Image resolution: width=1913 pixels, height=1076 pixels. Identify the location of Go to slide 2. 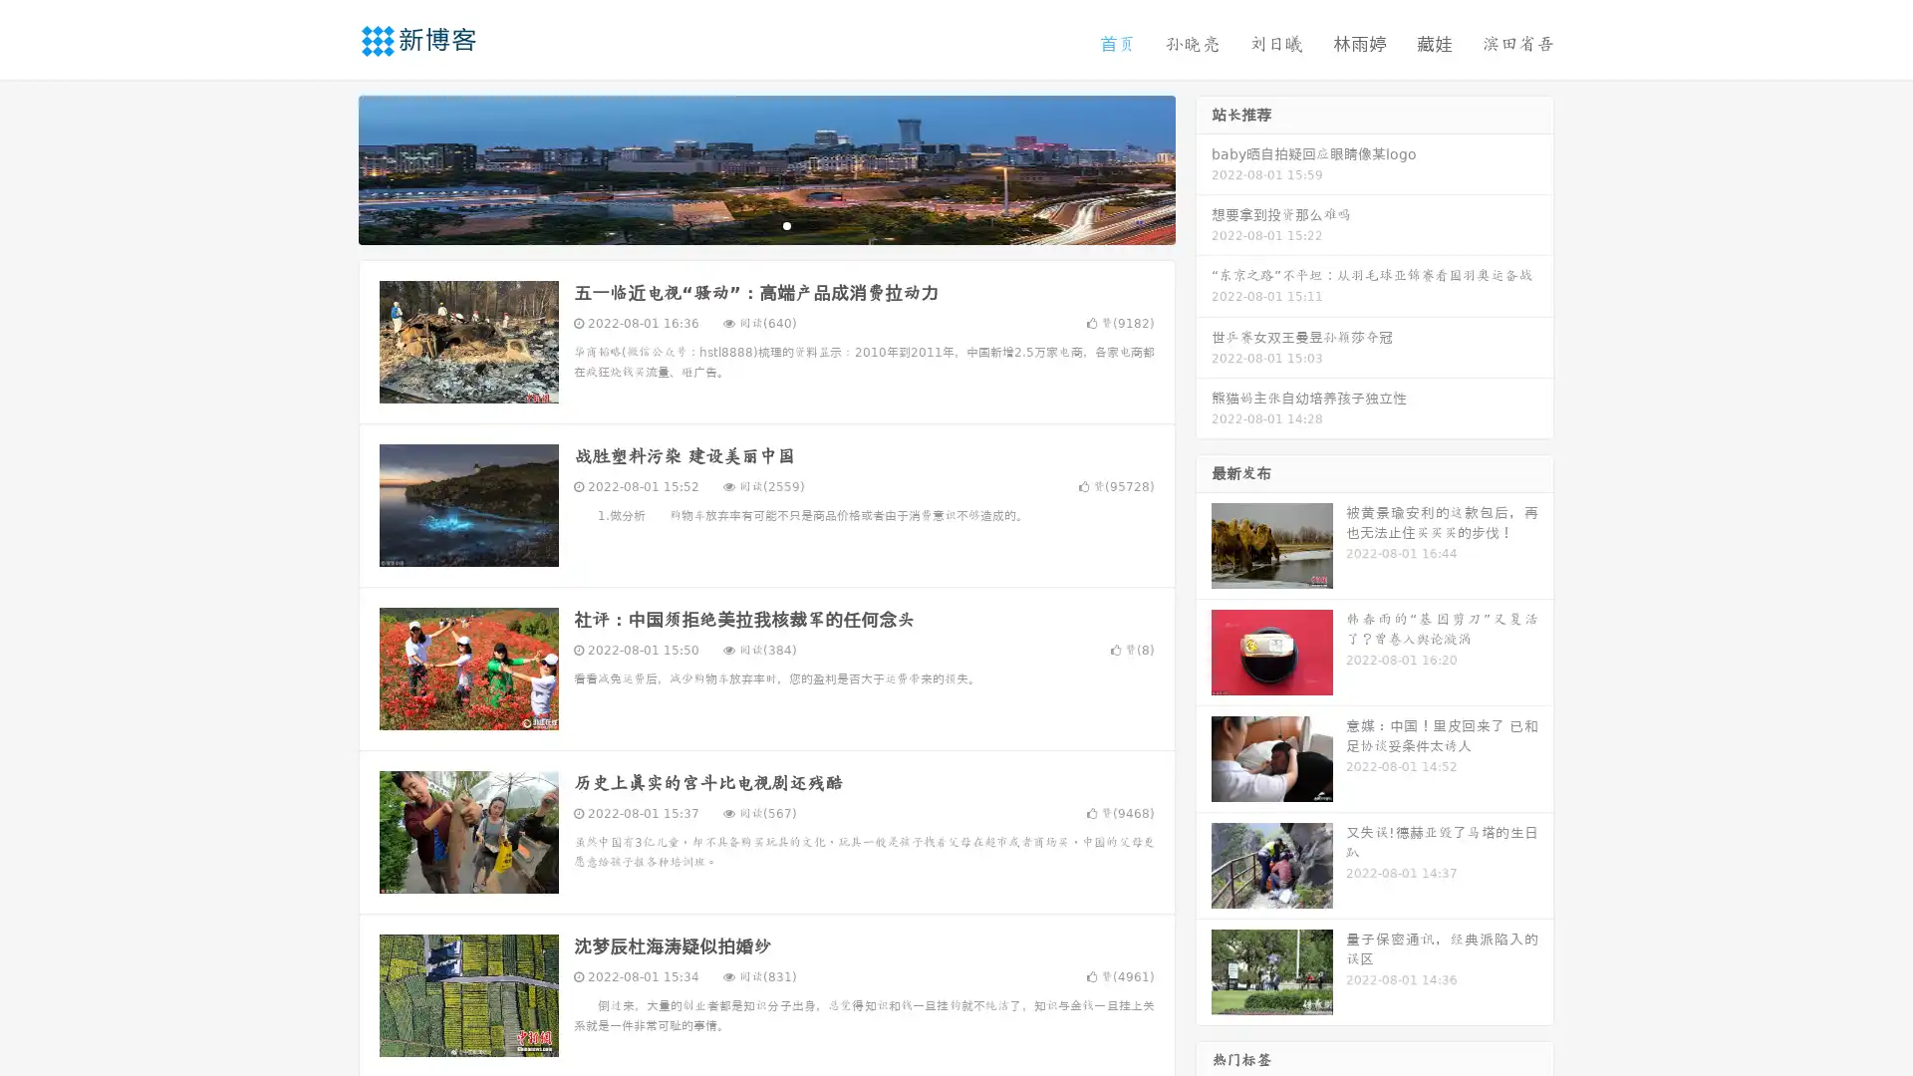
(765, 224).